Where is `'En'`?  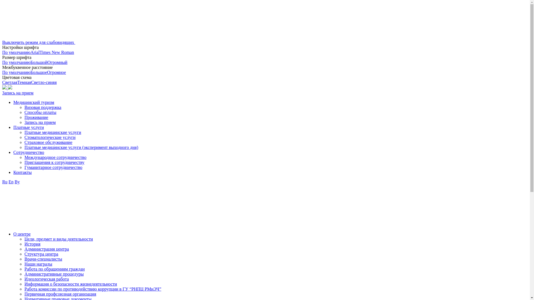
'En' is located at coordinates (11, 182).